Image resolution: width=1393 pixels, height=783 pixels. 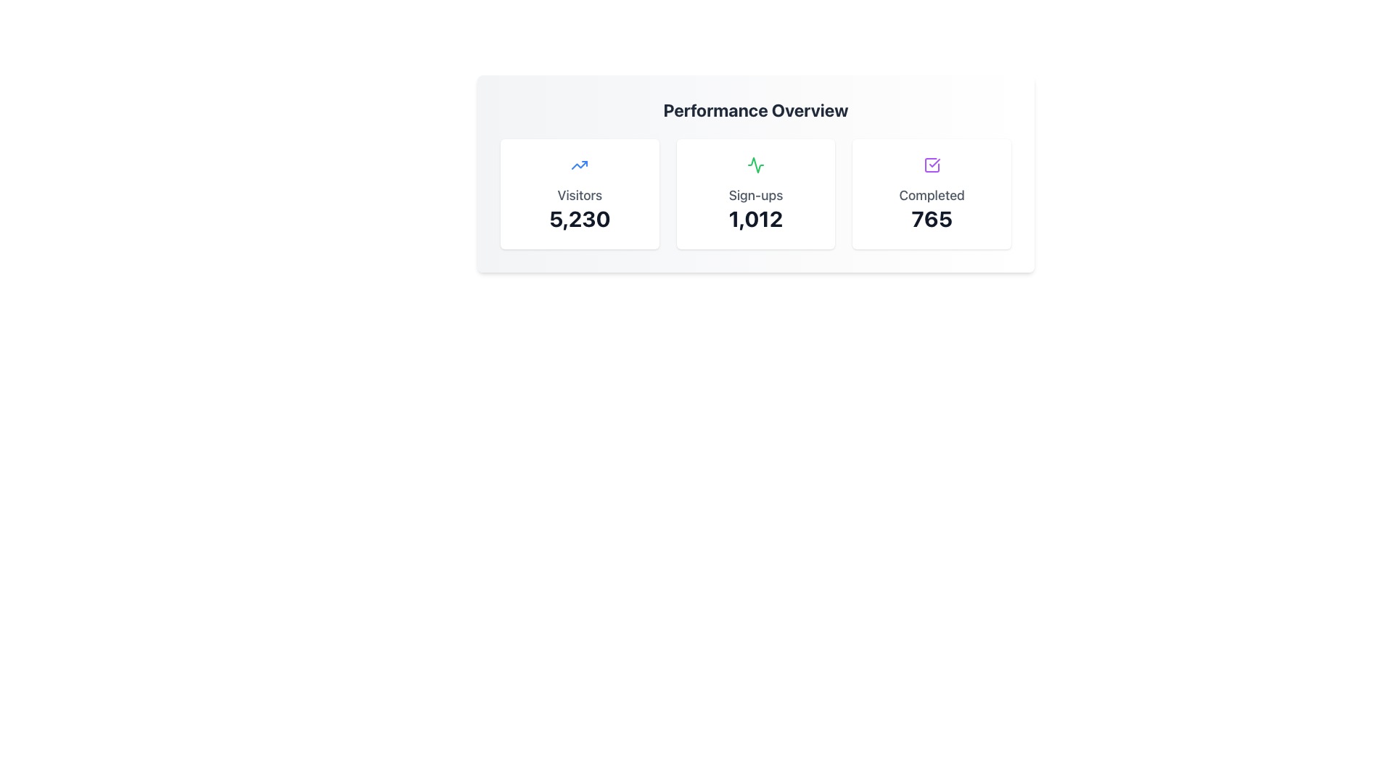 I want to click on the Text label indicating the number of sign-ups located in the central panel under 'Performance Overview', which is positioned at the top of the middle card, so click(x=755, y=196).